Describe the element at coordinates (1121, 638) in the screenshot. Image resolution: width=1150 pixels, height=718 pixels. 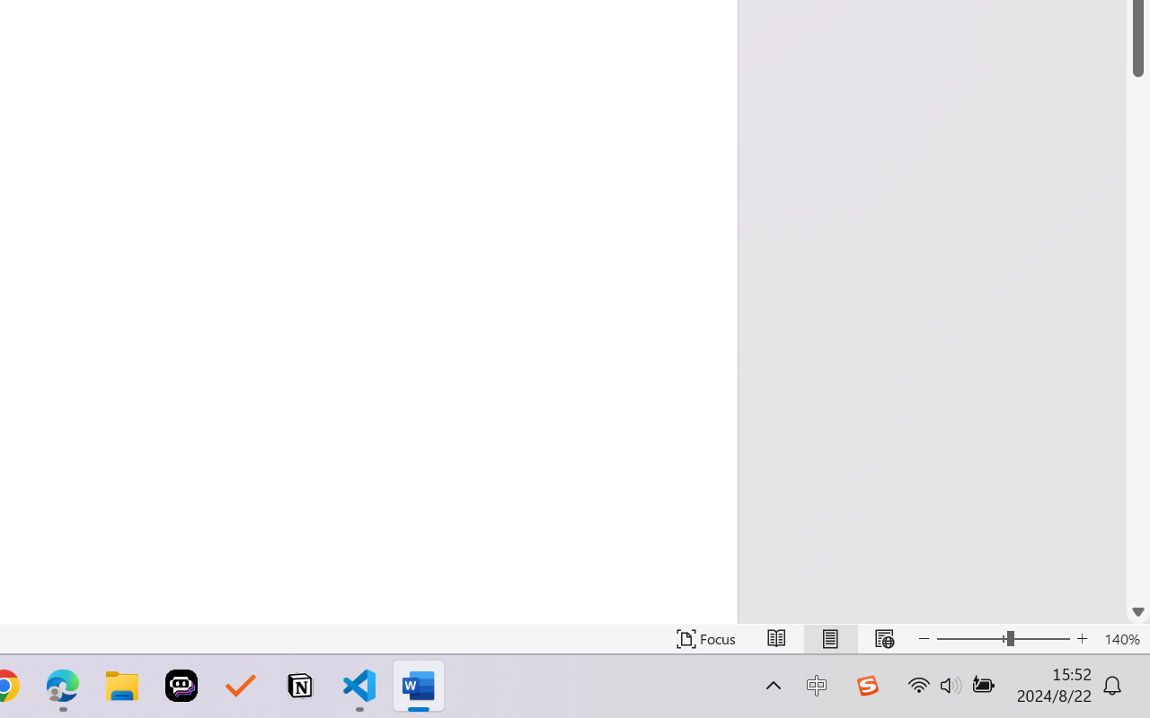
I see `'Zoom 140%'` at that location.